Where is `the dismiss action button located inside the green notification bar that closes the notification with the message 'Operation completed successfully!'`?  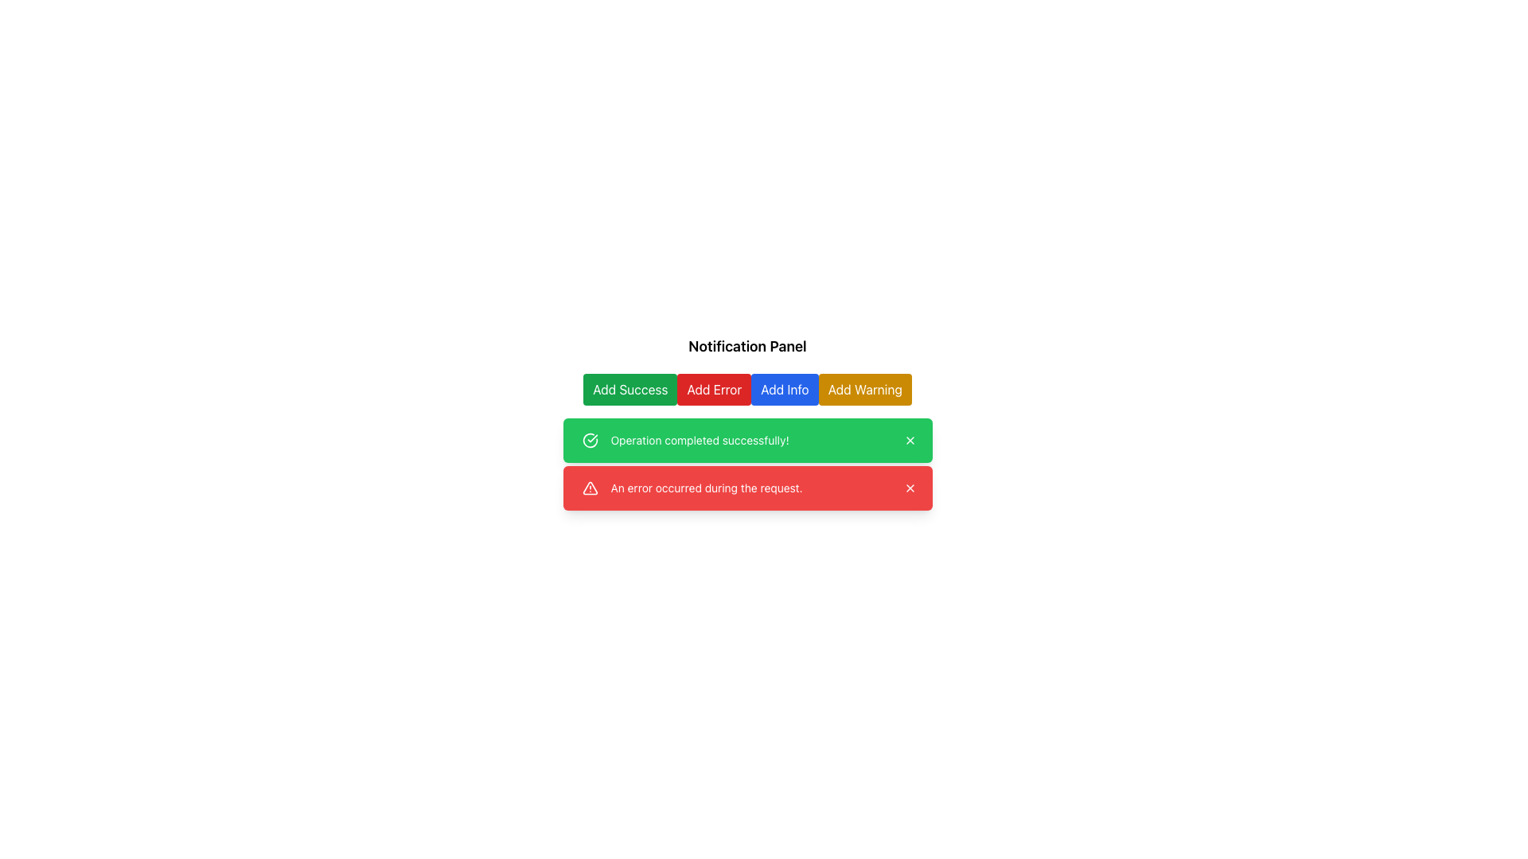 the dismiss action button located inside the green notification bar that closes the notification with the message 'Operation completed successfully!' is located at coordinates (910, 441).